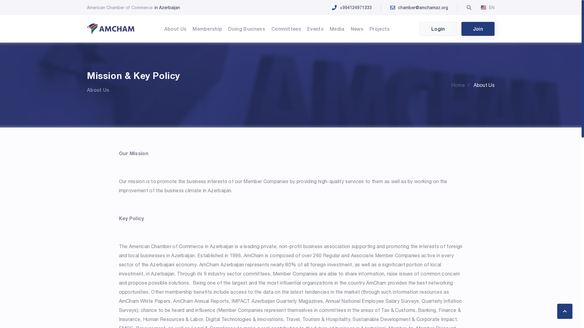 This screenshot has height=328, width=584. I want to click on 'chamber@amchamaz.org', so click(428, 7).